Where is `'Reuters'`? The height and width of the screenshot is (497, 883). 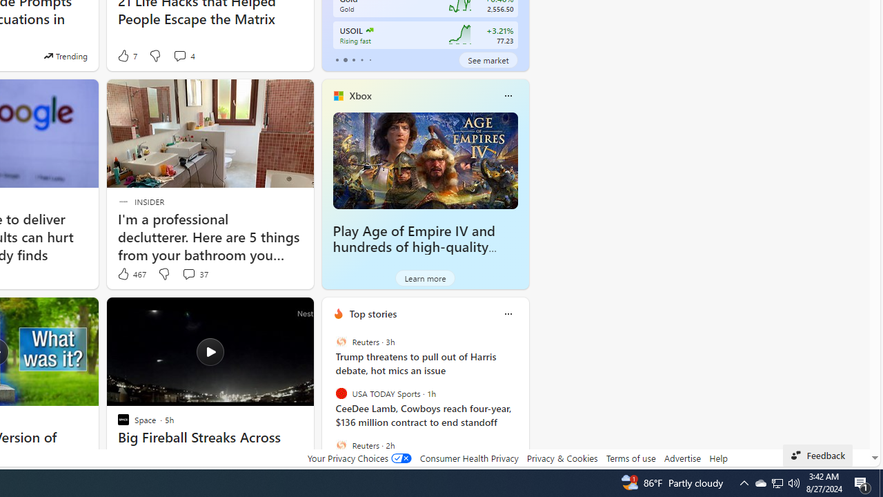
'Reuters' is located at coordinates (341, 445).